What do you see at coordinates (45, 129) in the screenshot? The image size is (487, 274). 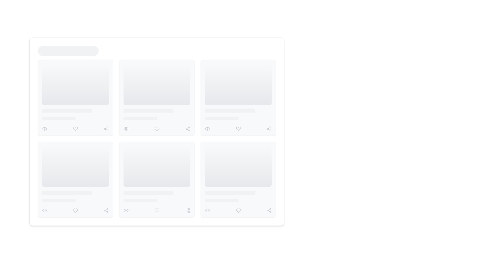 I see `the visibility icon located at the bottom-left corner of the card layout row, which is positioned to the left of the heart icon` at bounding box center [45, 129].